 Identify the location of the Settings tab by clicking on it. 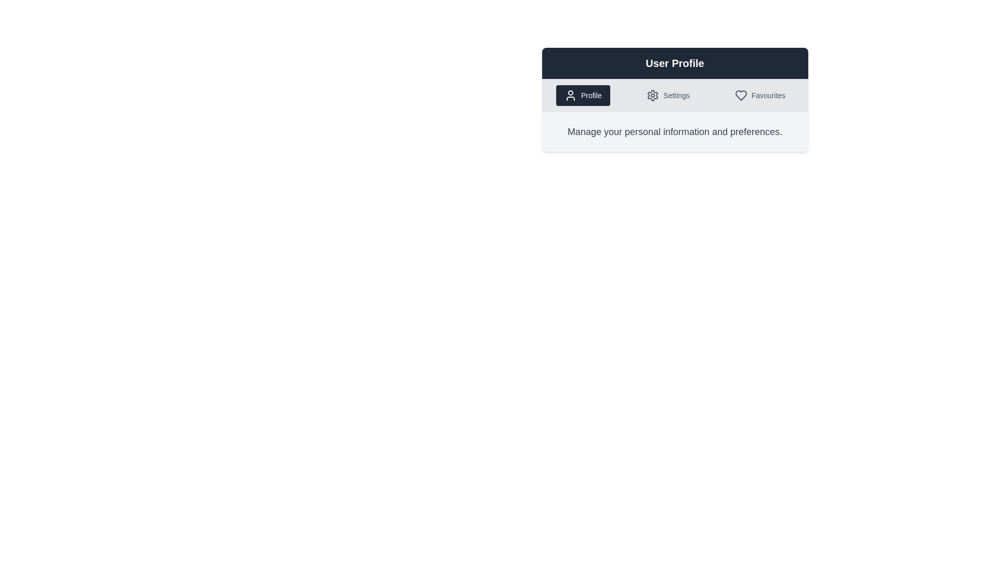
(668, 96).